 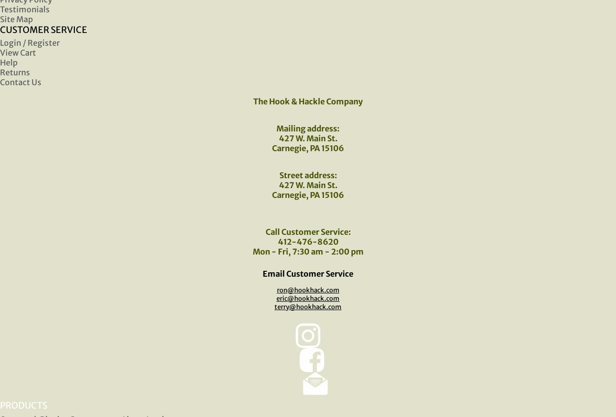 What do you see at coordinates (253, 100) in the screenshot?
I see `'The Hook & Hackle Company'` at bounding box center [253, 100].